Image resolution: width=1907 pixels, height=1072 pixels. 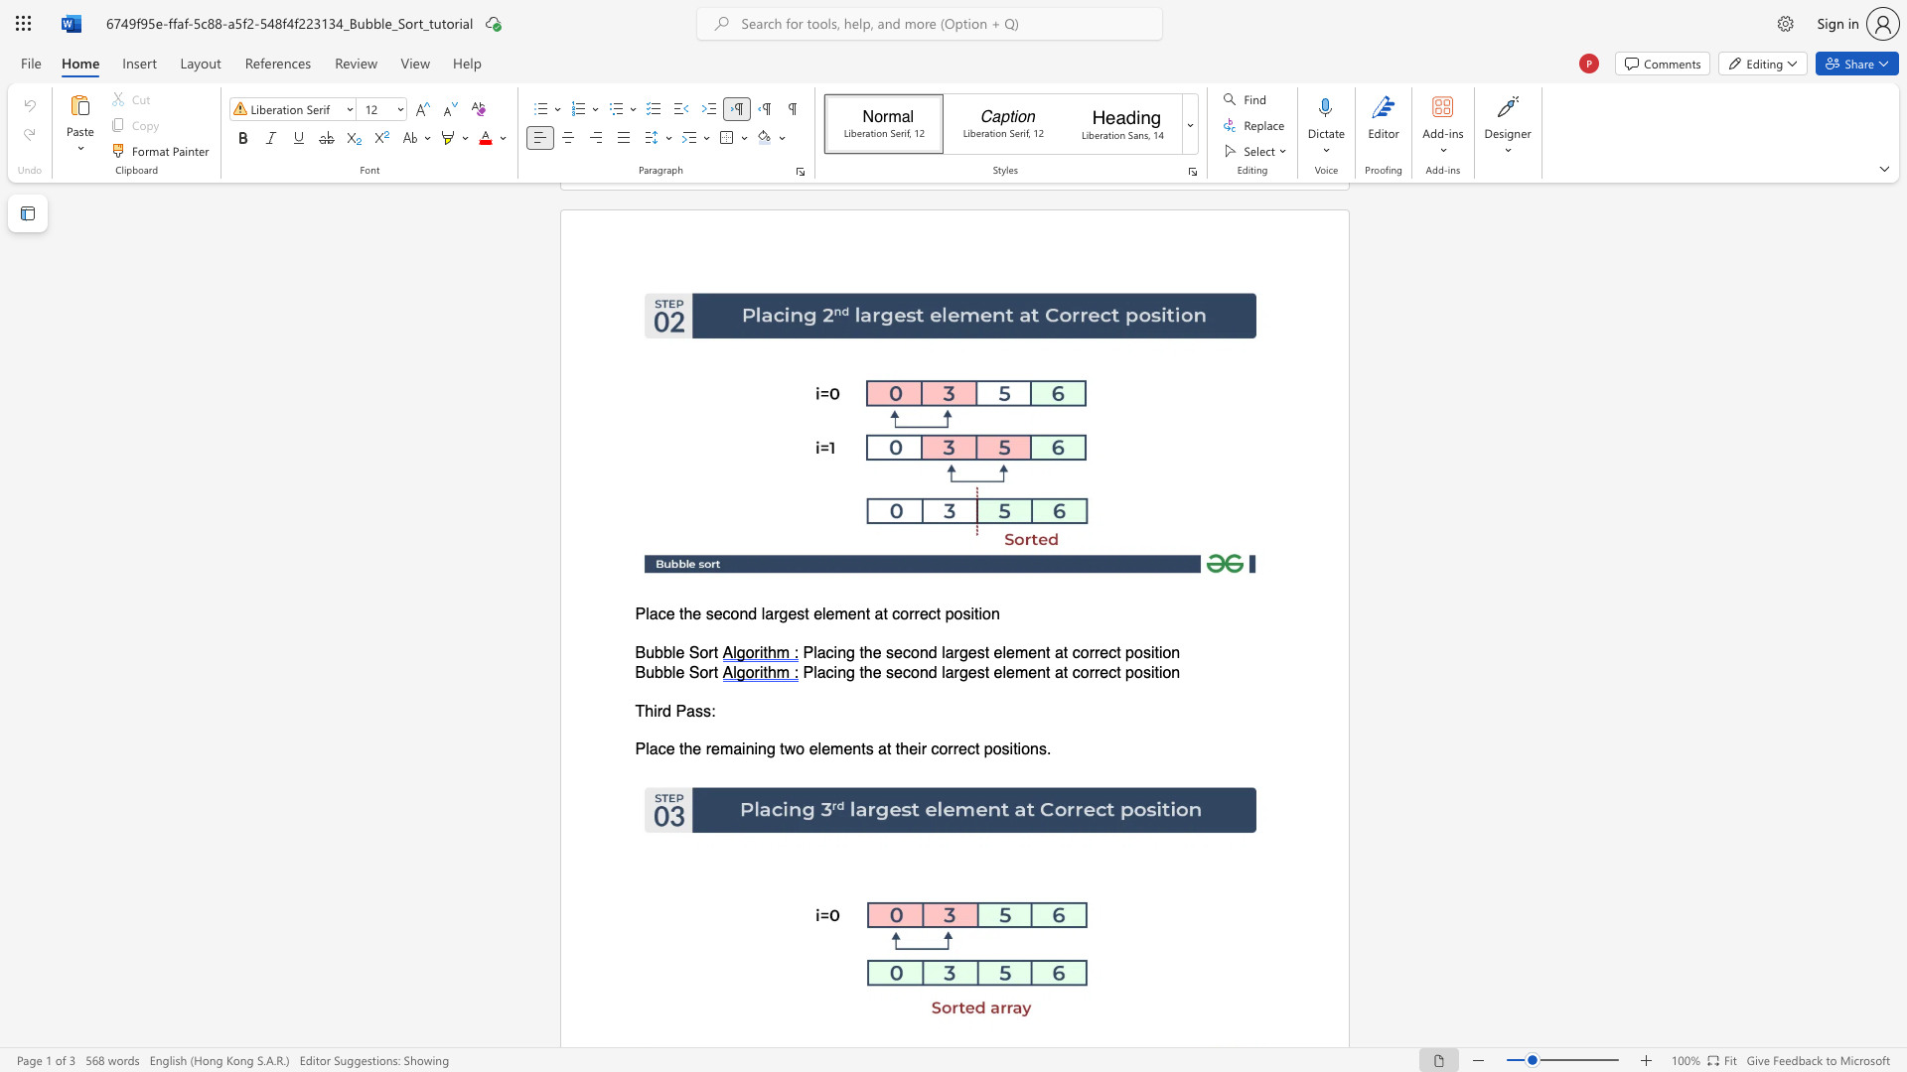 I want to click on the 3th character "c" in the text, so click(x=1075, y=653).